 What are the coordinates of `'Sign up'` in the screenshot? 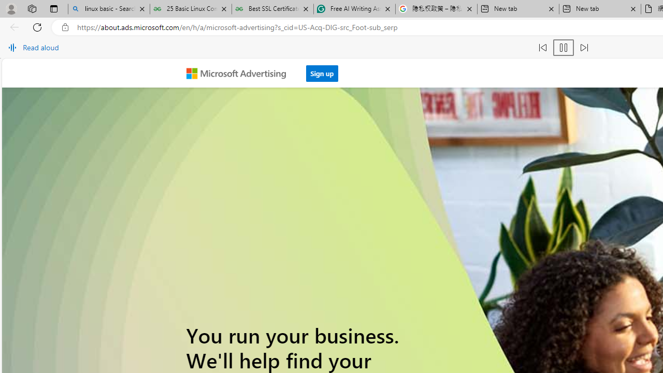 It's located at (322, 70).